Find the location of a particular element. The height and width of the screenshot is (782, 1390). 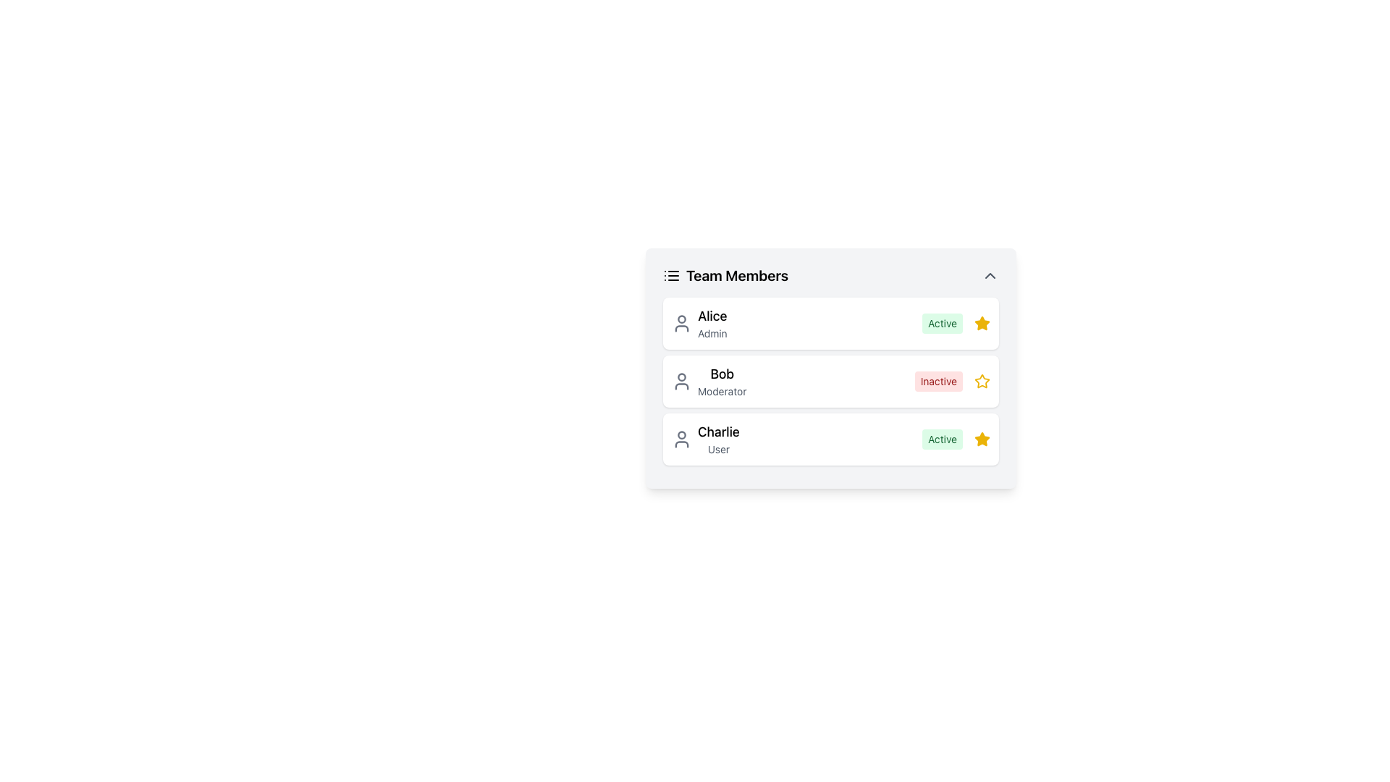

the text element identifying the user 'Alice' in the team members list, located in the first row above the 'Admin' label is located at coordinates (712, 315).